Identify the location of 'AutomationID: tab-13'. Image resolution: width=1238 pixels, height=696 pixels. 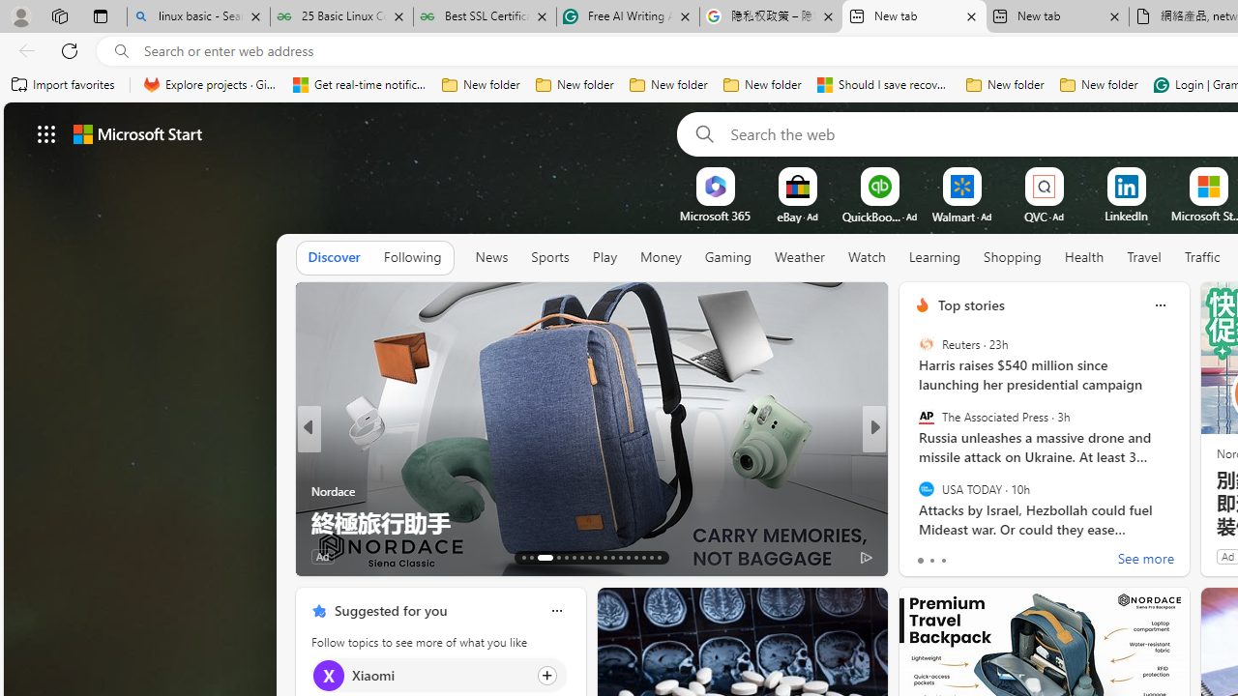
(524, 558).